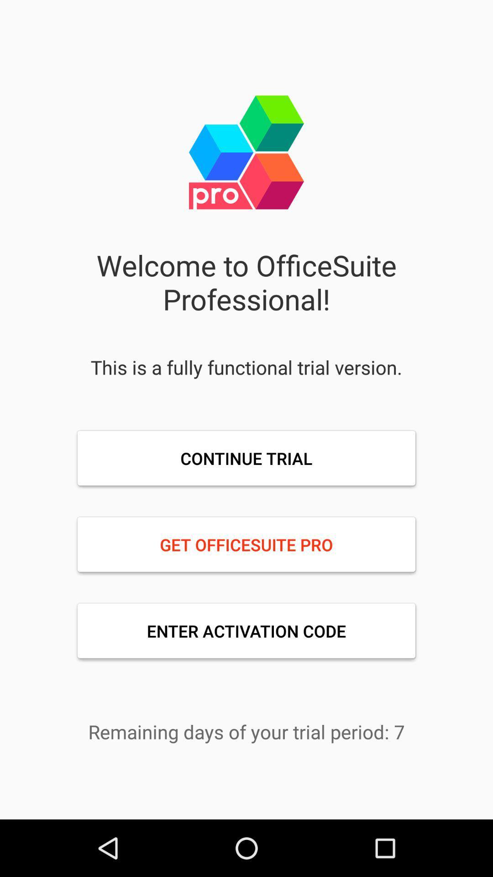 This screenshot has width=493, height=877. What do you see at coordinates (246, 544) in the screenshot?
I see `icon below the continue trial icon` at bounding box center [246, 544].